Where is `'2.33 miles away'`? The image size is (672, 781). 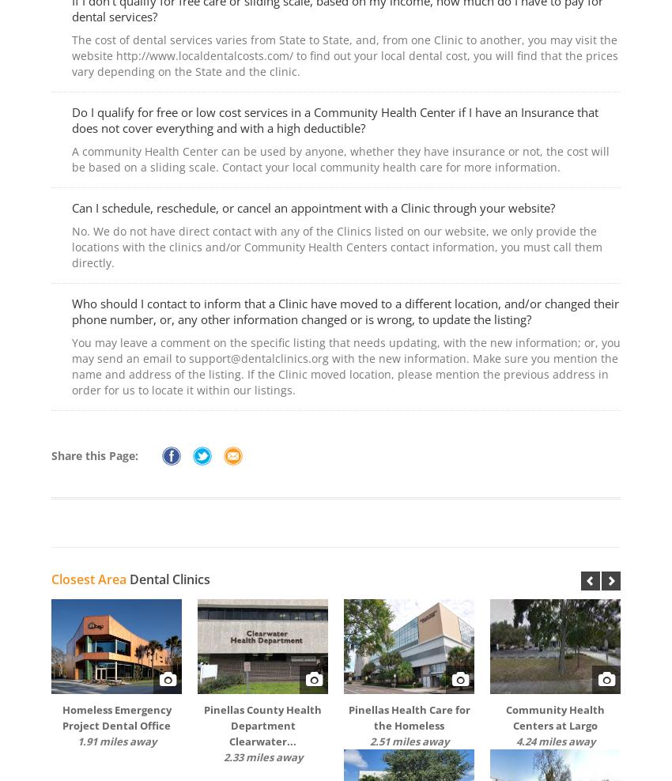 '2.33 miles away' is located at coordinates (262, 756).